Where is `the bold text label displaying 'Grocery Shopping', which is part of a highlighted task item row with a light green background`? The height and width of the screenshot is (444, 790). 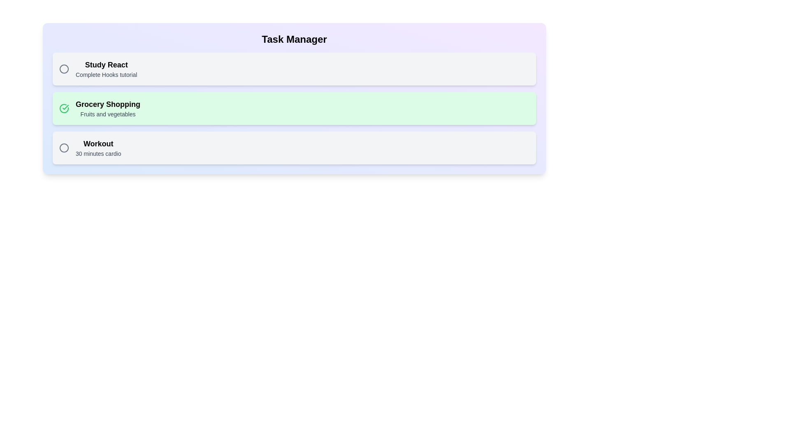 the bold text label displaying 'Grocery Shopping', which is part of a highlighted task item row with a light green background is located at coordinates (107, 104).